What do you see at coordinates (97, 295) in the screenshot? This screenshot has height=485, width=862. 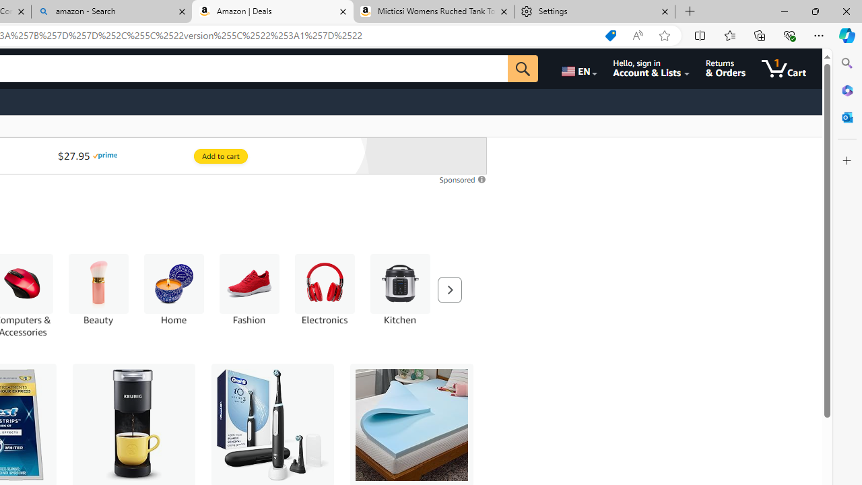 I see `'Beauty'` at bounding box center [97, 295].